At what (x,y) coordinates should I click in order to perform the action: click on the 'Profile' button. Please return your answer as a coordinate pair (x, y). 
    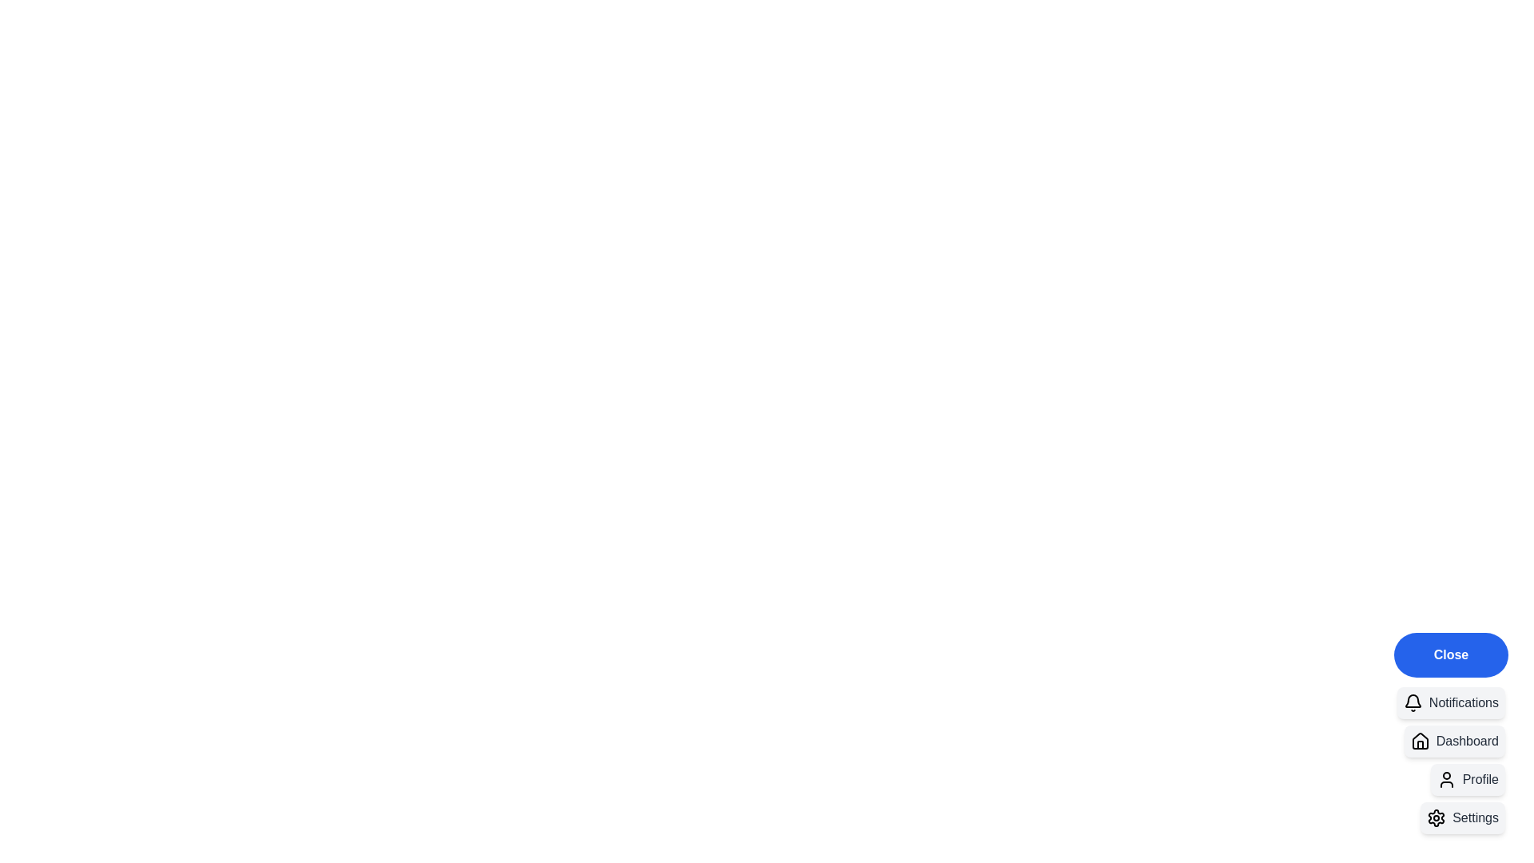
    Looking at the image, I should click on (1468, 778).